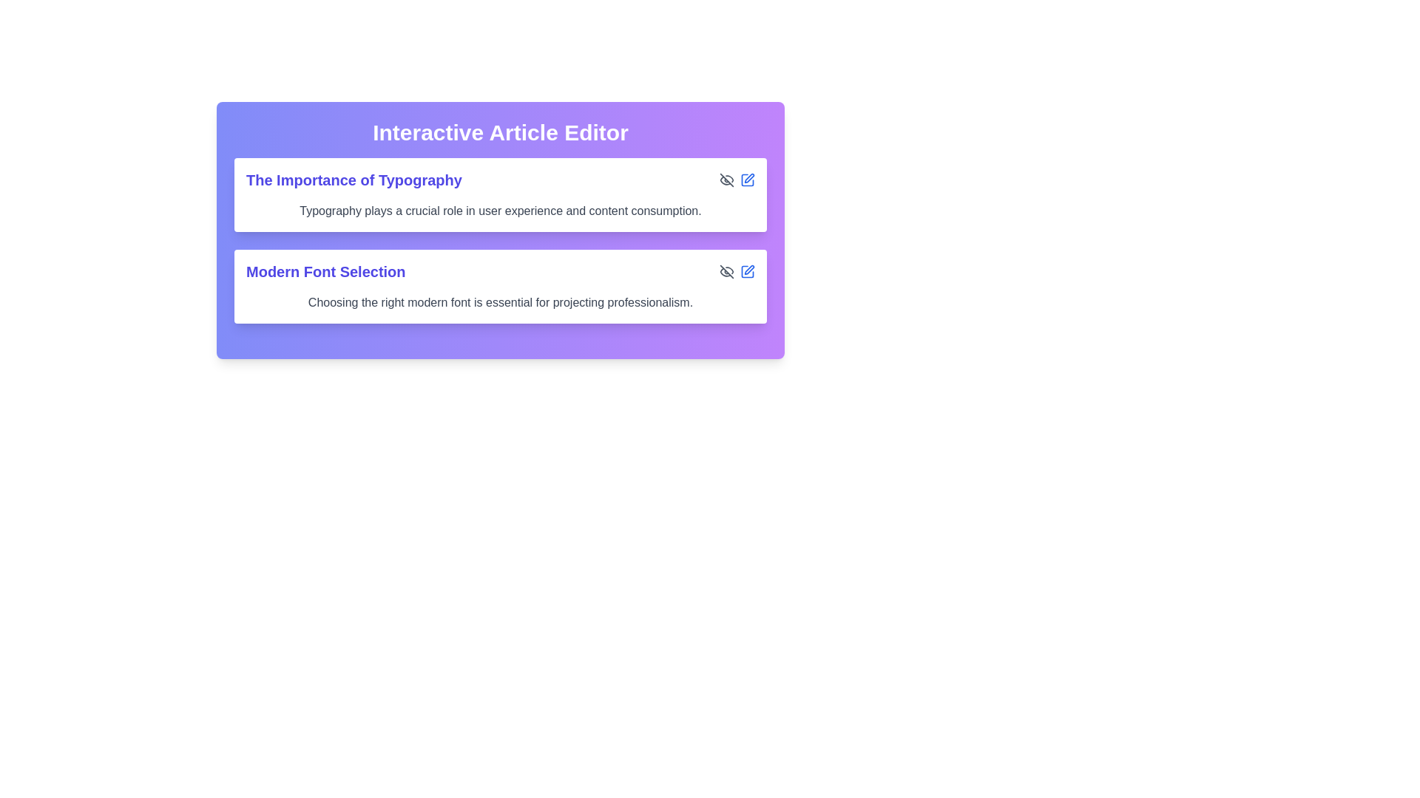  Describe the element at coordinates (727, 179) in the screenshot. I see `the toggle button icon located to the right of the title section 'The Importance of Typography'` at that location.